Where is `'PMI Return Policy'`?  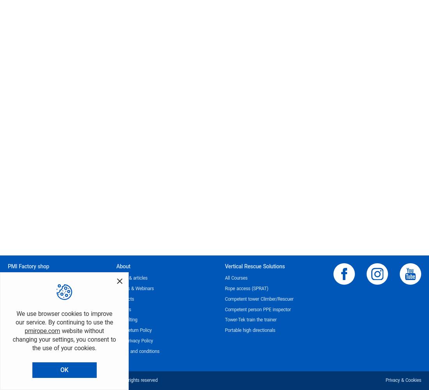 'PMI Return Policy' is located at coordinates (115, 330).